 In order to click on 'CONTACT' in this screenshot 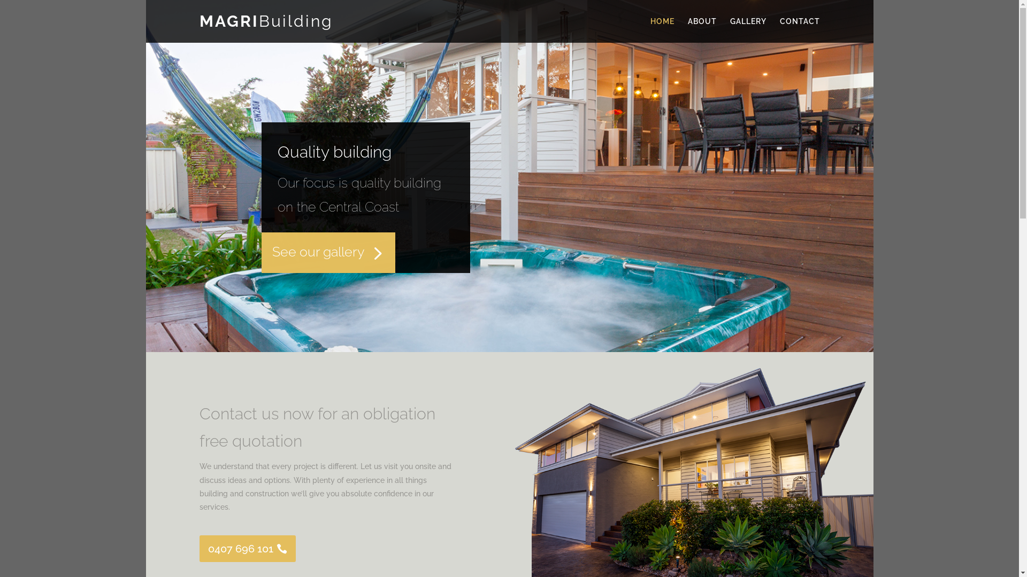, I will do `click(800, 29)`.